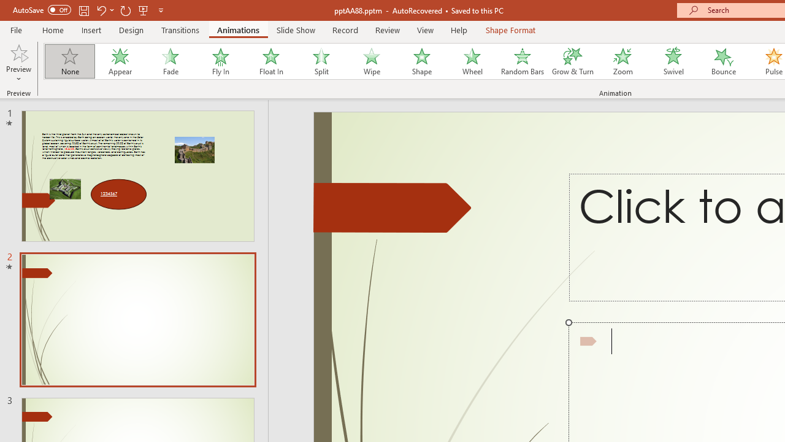  What do you see at coordinates (120, 61) in the screenshot?
I see `'Appear'` at bounding box center [120, 61].